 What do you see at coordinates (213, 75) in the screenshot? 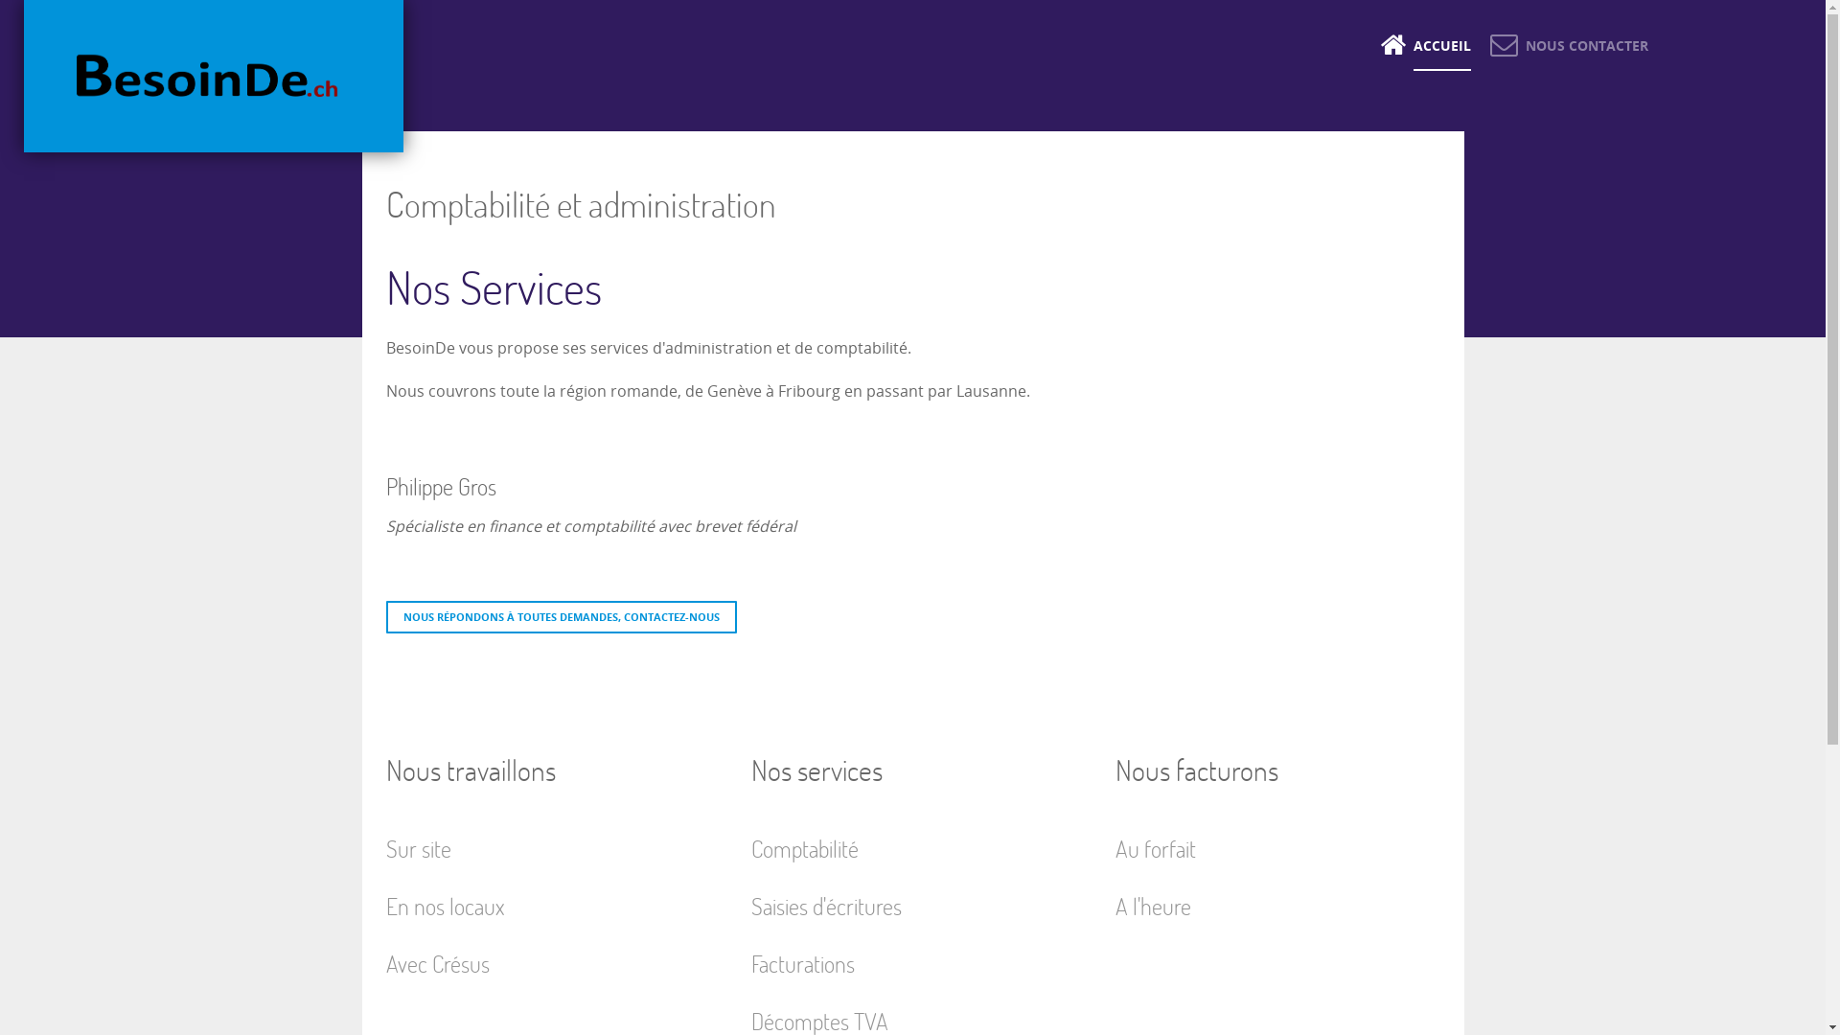
I see `'Photon'` at bounding box center [213, 75].